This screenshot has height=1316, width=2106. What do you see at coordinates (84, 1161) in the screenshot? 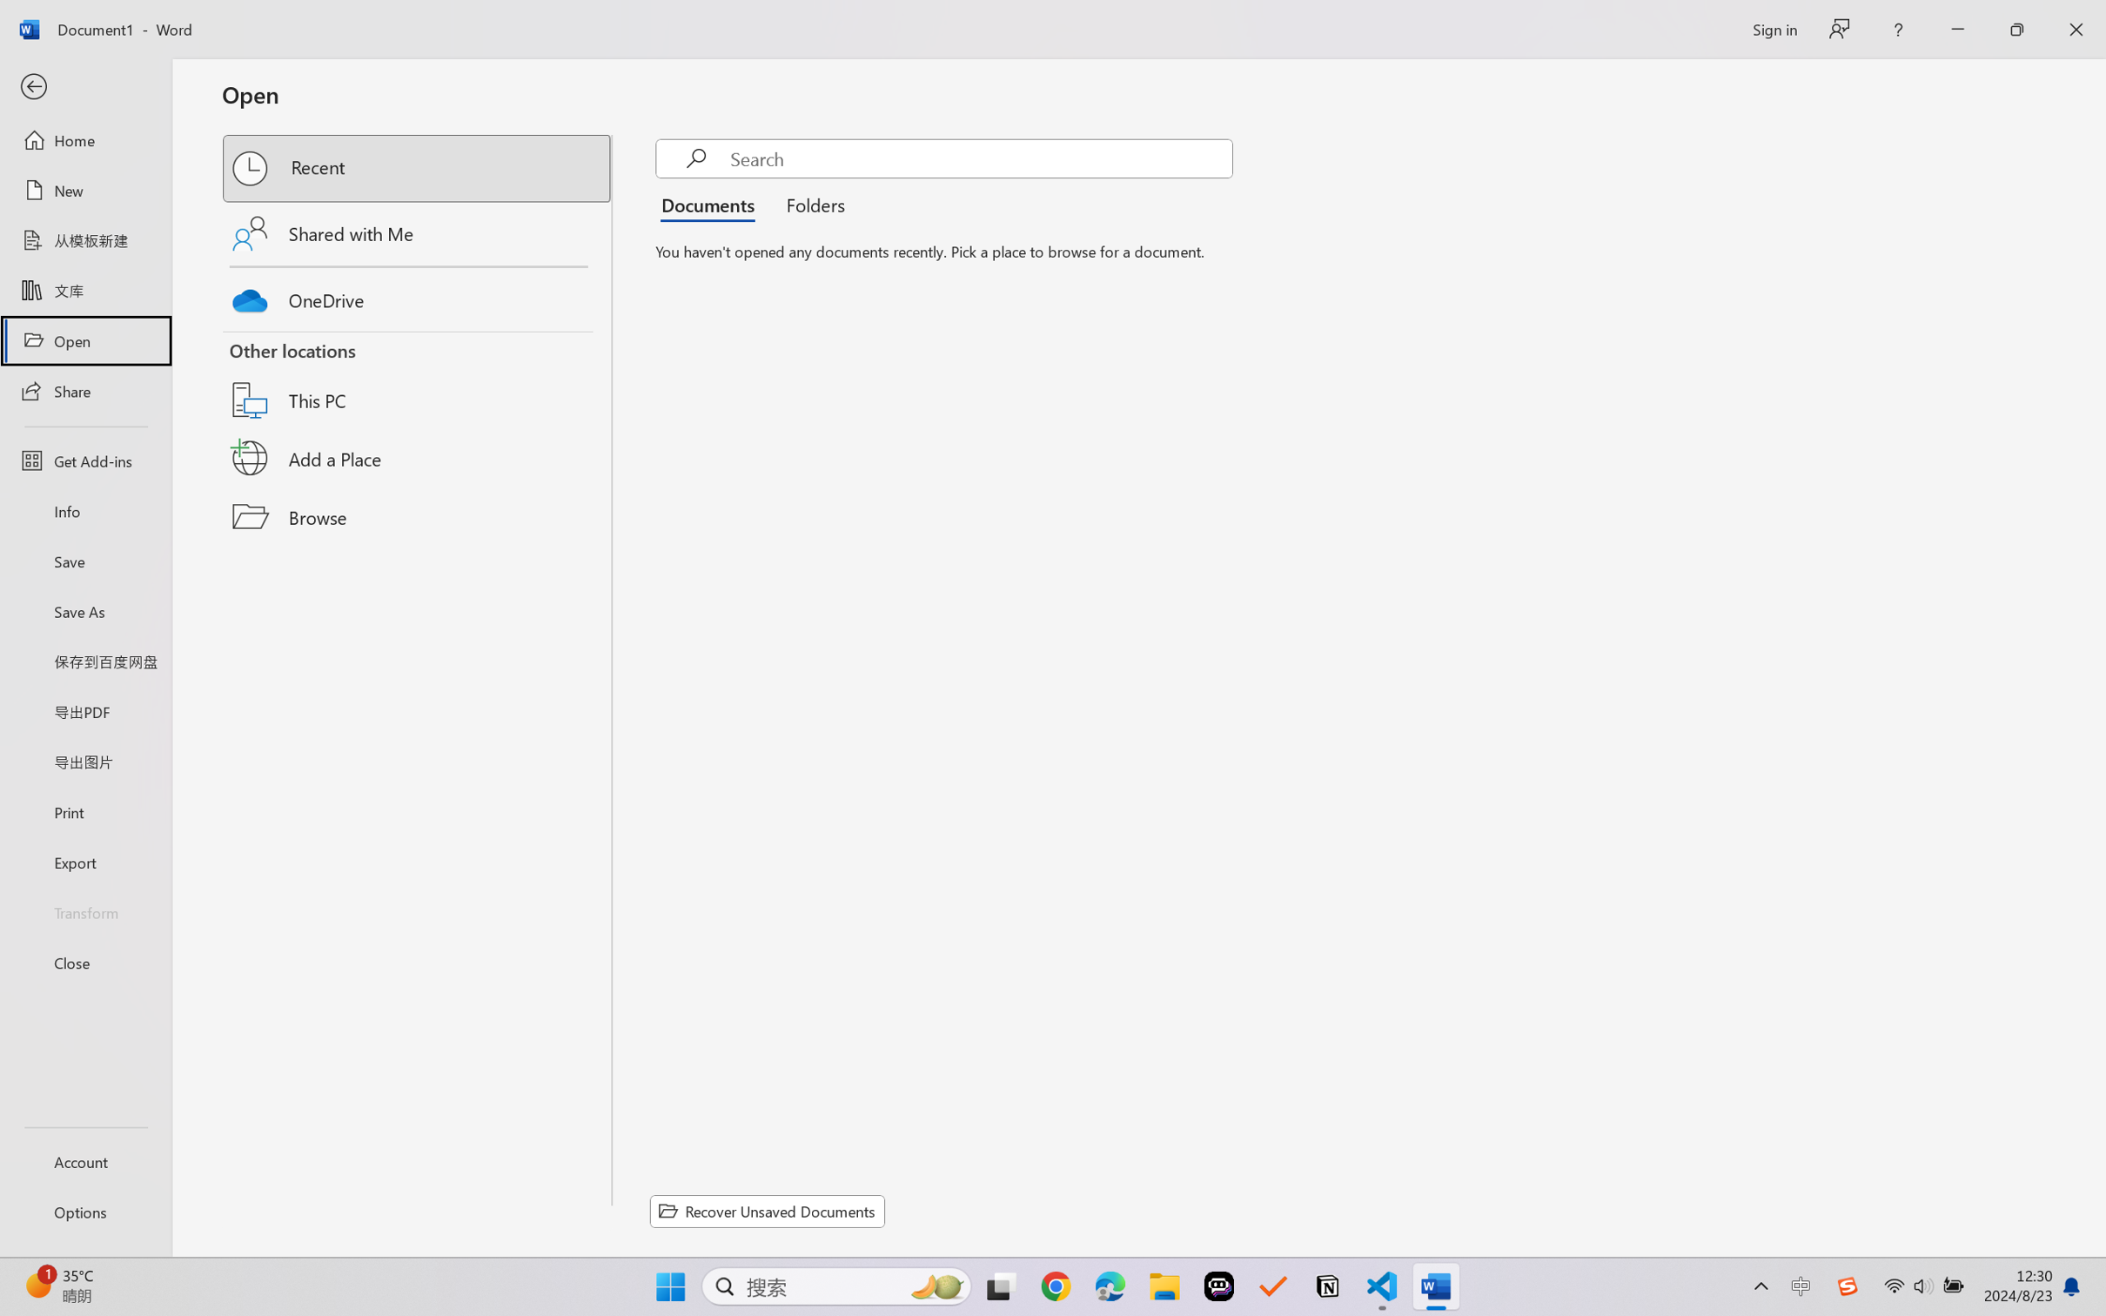
I see `'Account'` at bounding box center [84, 1161].